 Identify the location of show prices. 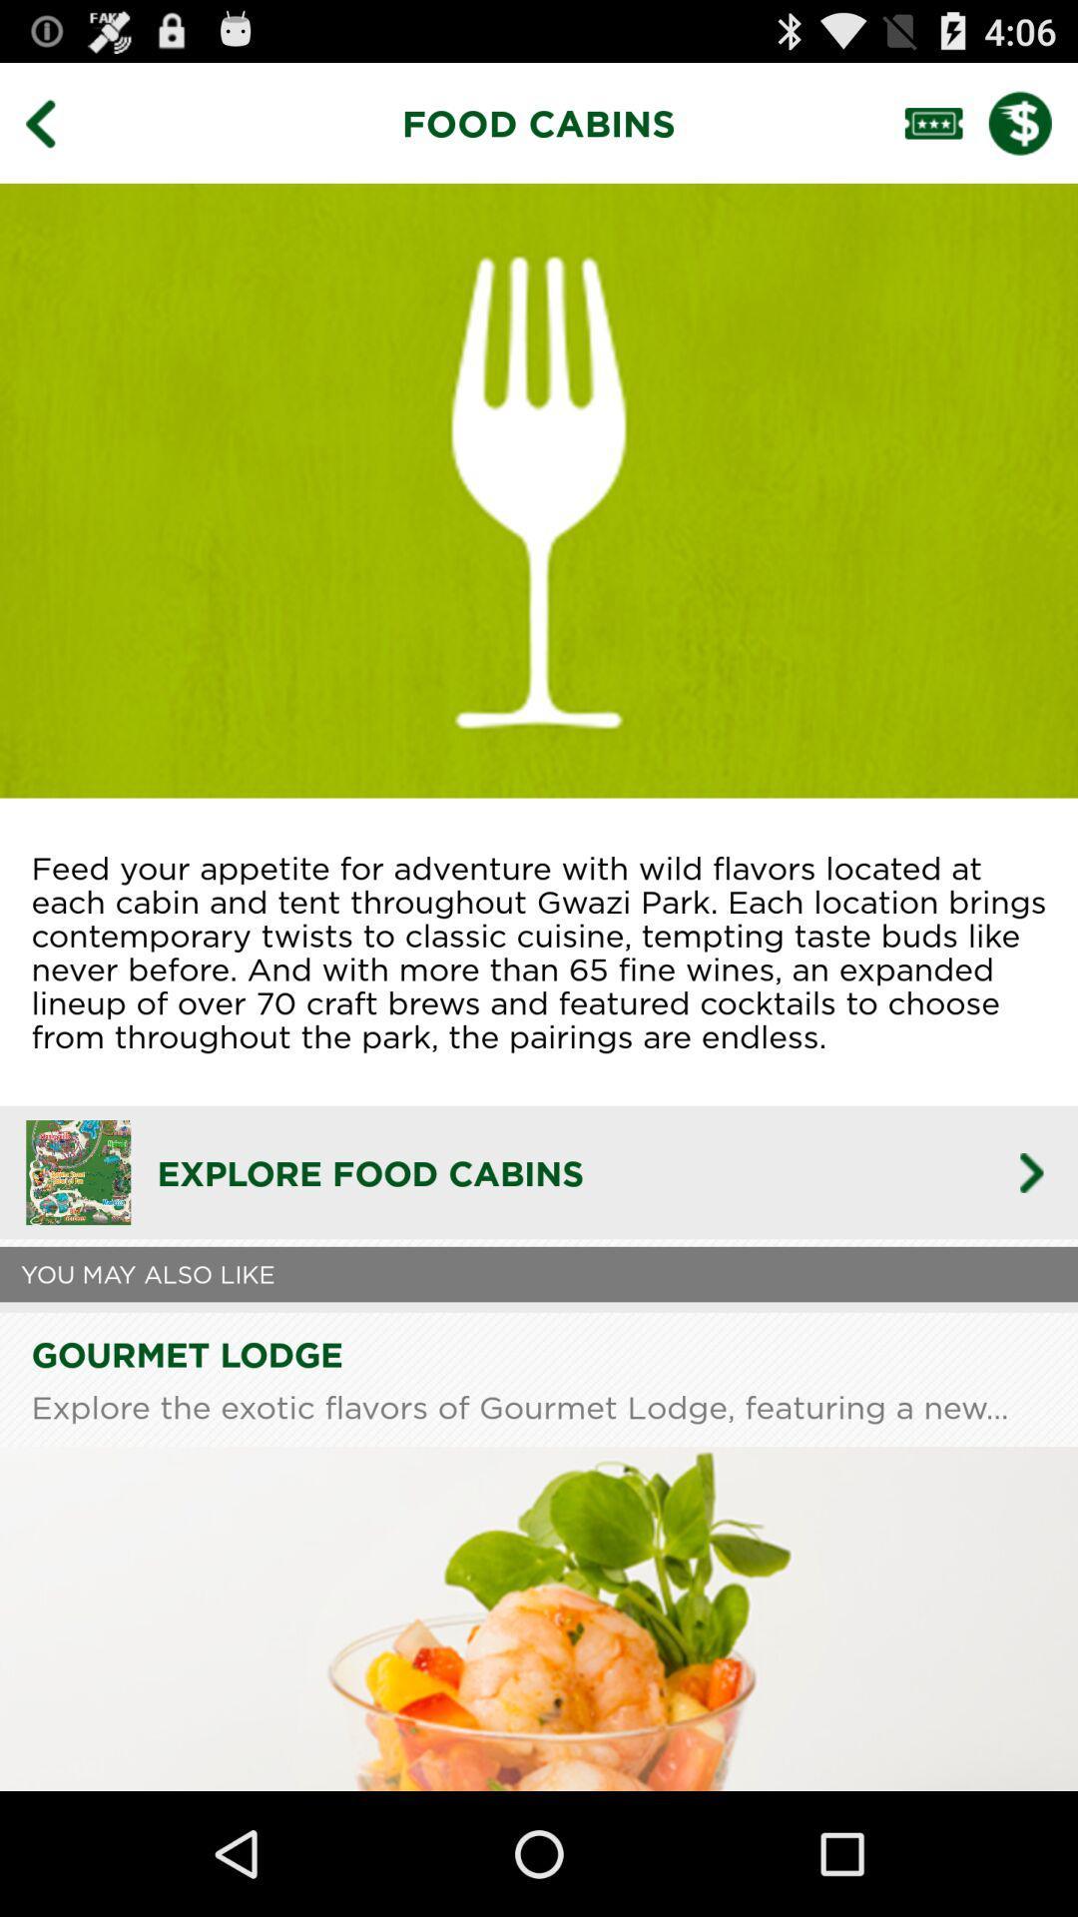
(1033, 122).